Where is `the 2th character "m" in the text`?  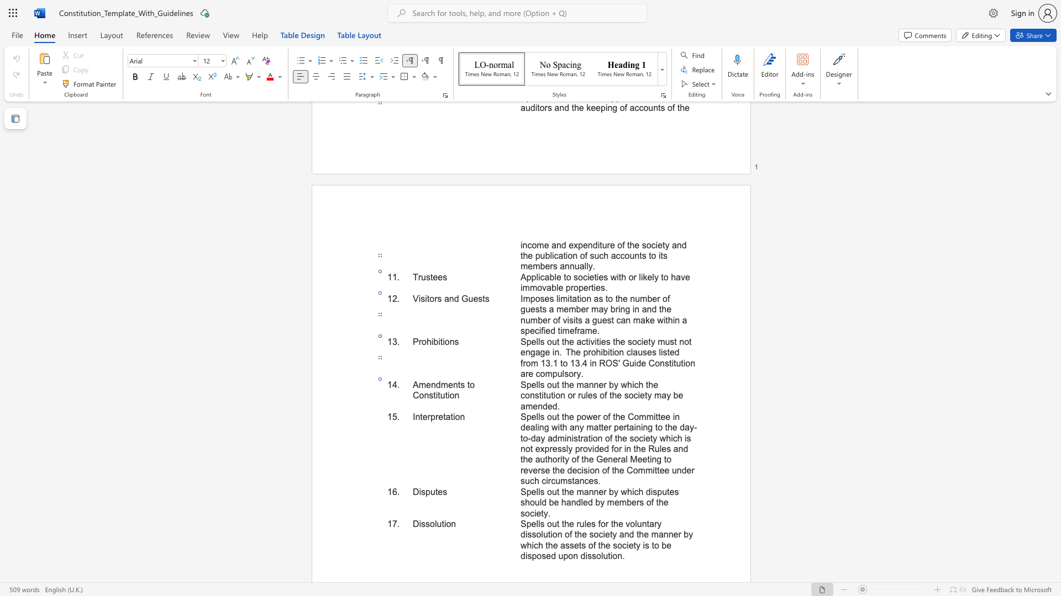
the 2th character "m" in the text is located at coordinates (658, 395).